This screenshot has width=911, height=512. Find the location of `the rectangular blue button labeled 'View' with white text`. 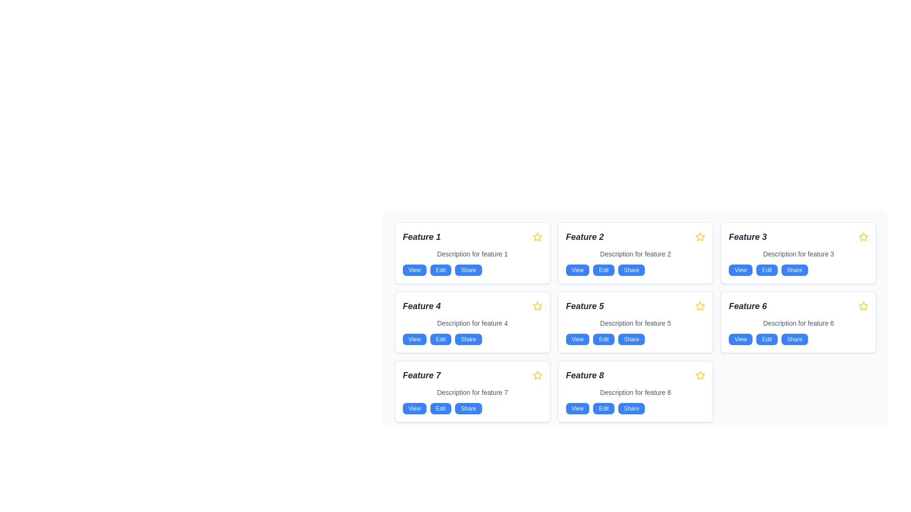

the rectangular blue button labeled 'View' with white text is located at coordinates (577, 270).